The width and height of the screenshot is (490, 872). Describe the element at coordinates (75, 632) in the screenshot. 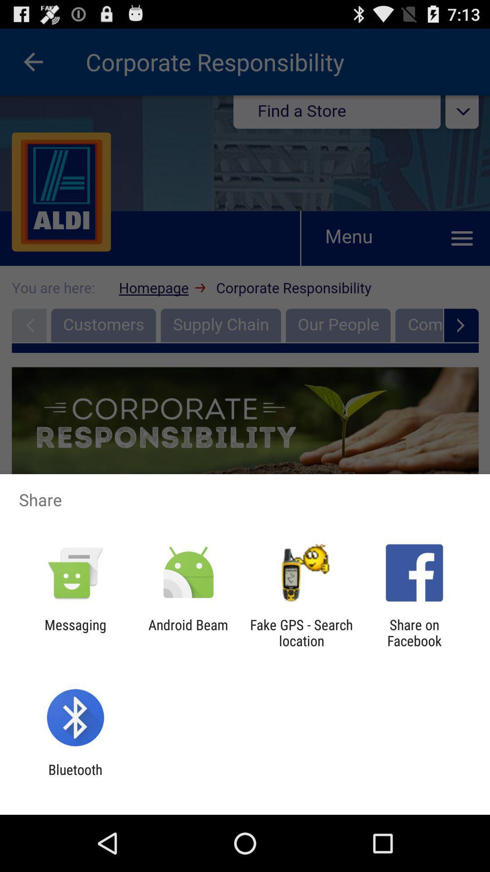

I see `messaging` at that location.